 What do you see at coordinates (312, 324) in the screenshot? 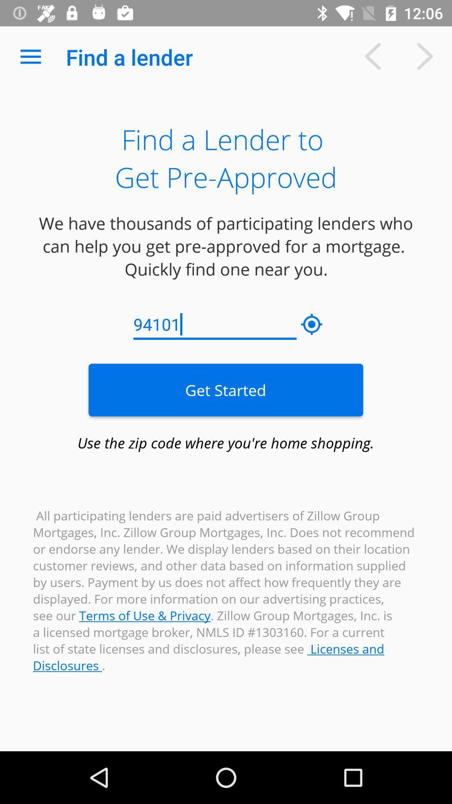
I see `the icon to the right of 94101 icon` at bounding box center [312, 324].